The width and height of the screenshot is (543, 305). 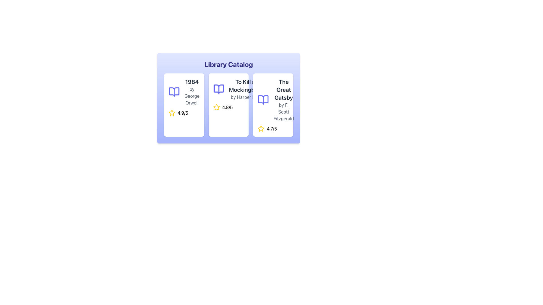 What do you see at coordinates (192, 82) in the screenshot?
I see `text content of the text label displaying '1984' in bold, dark gray font located at the top-left of the first card` at bounding box center [192, 82].